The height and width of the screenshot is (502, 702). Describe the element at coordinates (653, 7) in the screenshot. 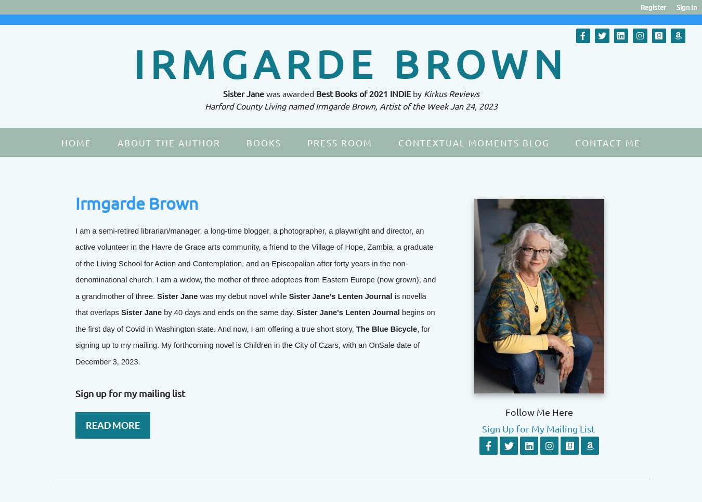

I see `'Register'` at that location.